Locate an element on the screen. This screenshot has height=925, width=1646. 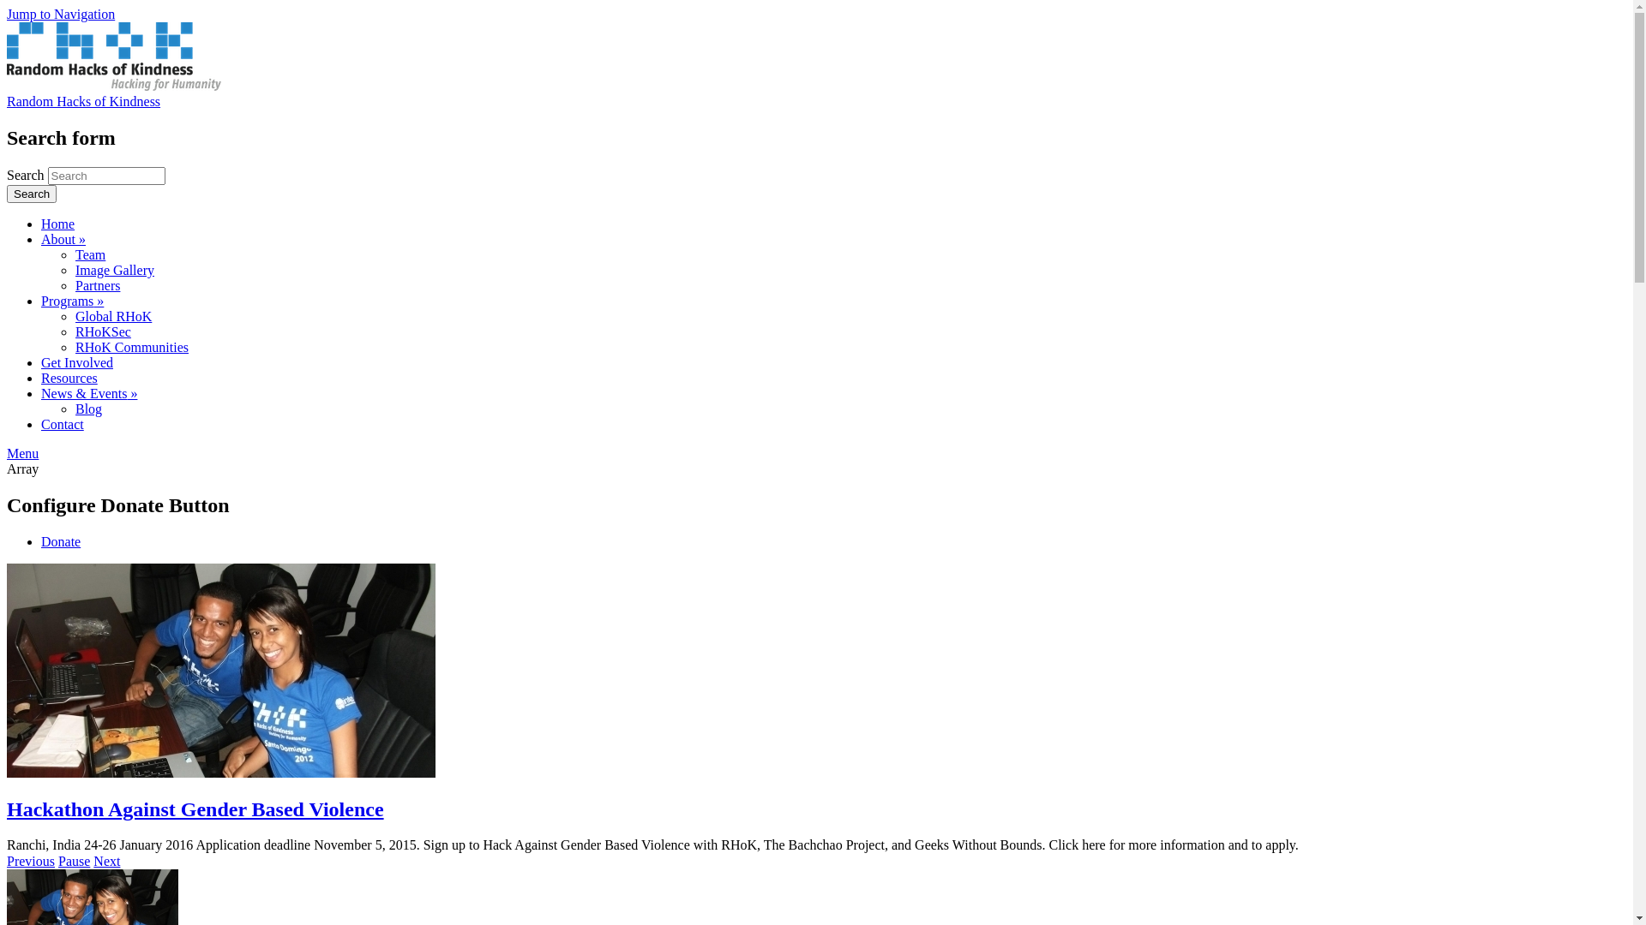
'Random Hacks of Kindness' is located at coordinates (82, 101).